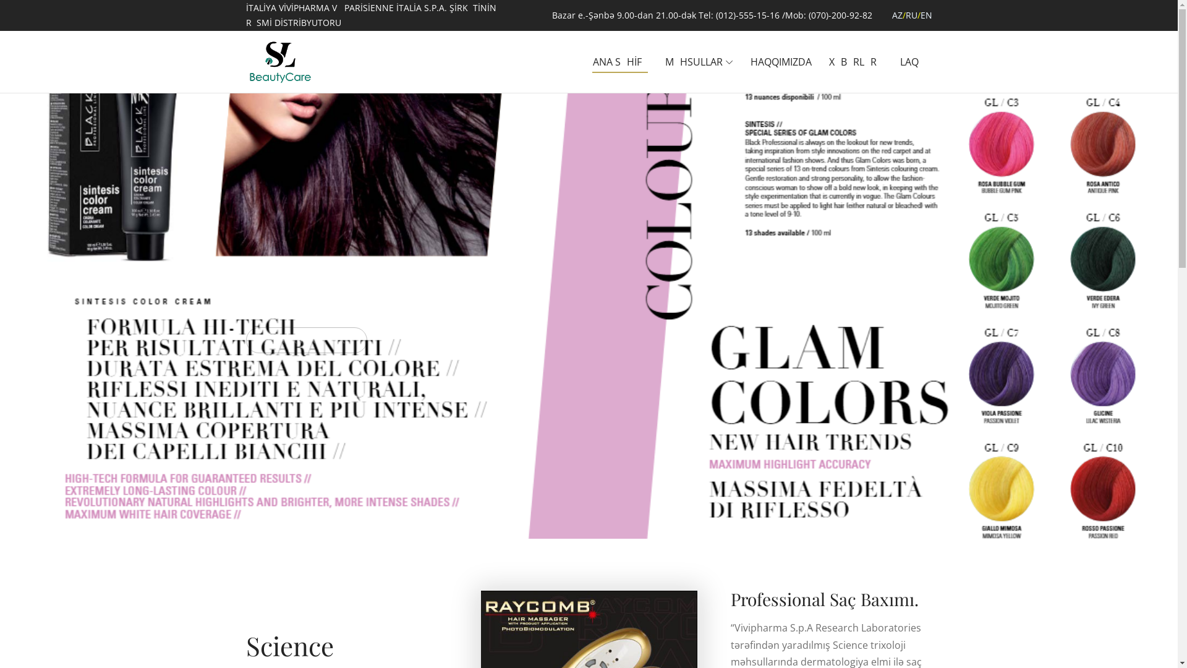  I want to click on 'HAQQIMIZDA', so click(780, 61).